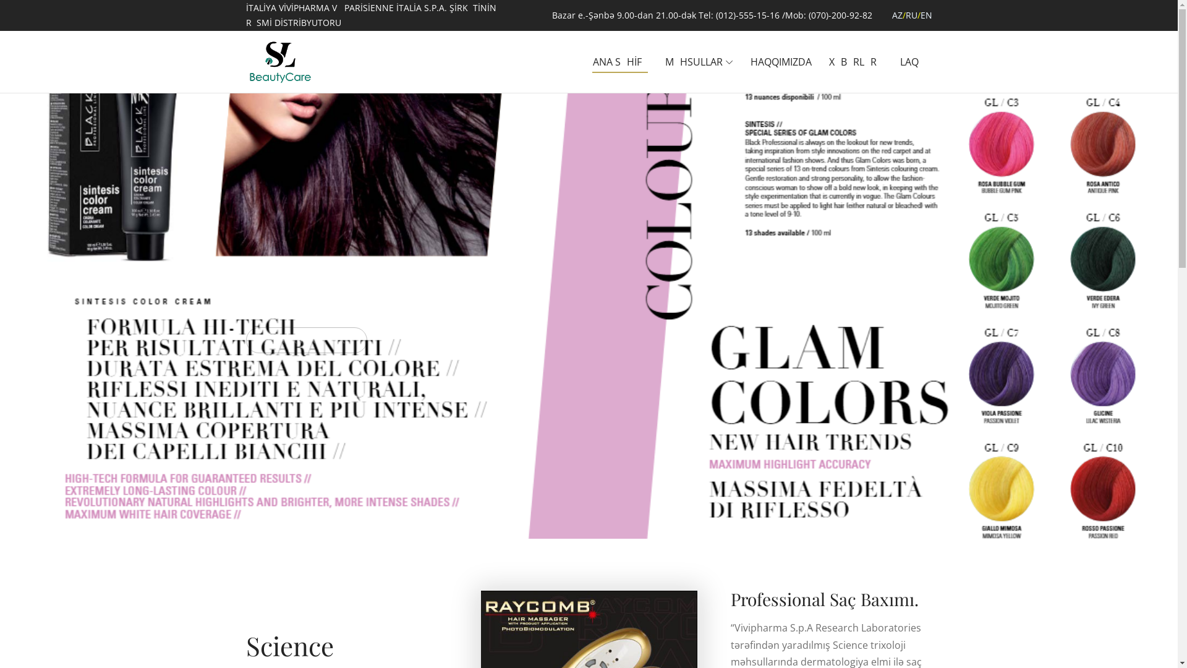  I want to click on 'HAQQIMIZDA', so click(780, 61).